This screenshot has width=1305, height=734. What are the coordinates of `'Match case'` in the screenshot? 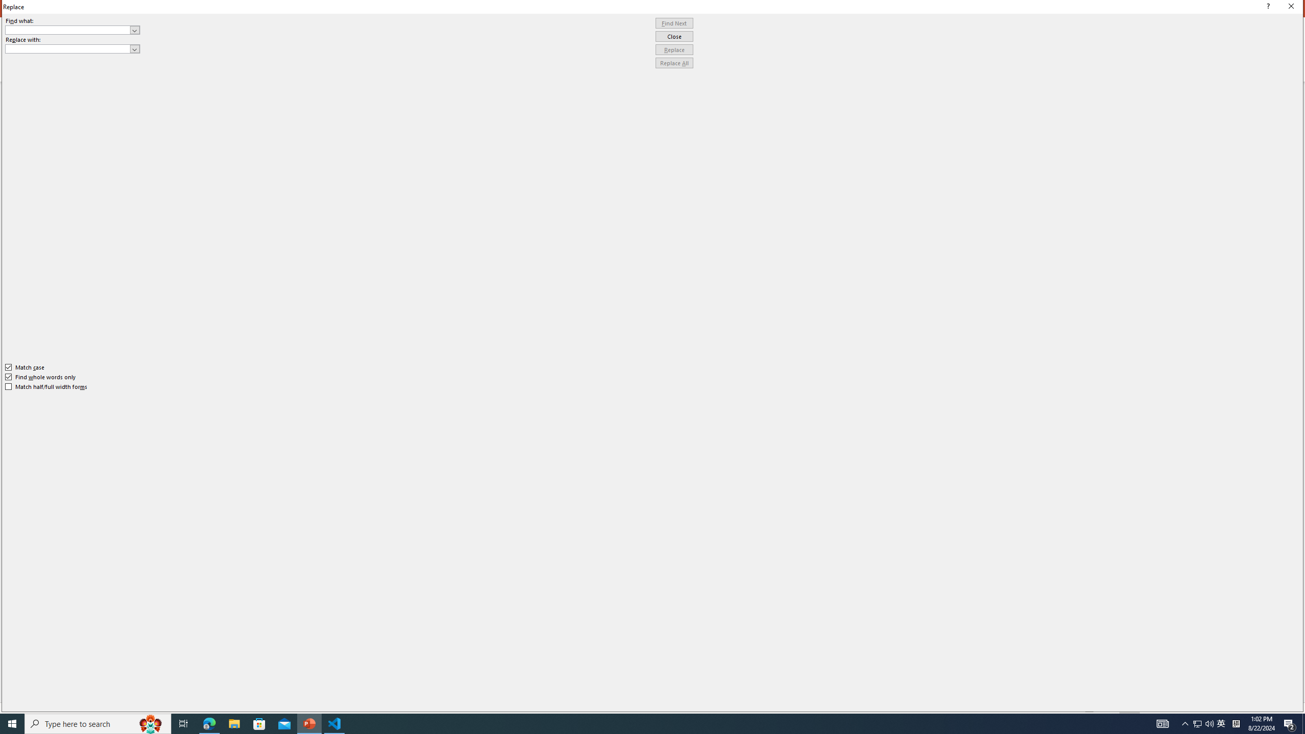 It's located at (24, 367).